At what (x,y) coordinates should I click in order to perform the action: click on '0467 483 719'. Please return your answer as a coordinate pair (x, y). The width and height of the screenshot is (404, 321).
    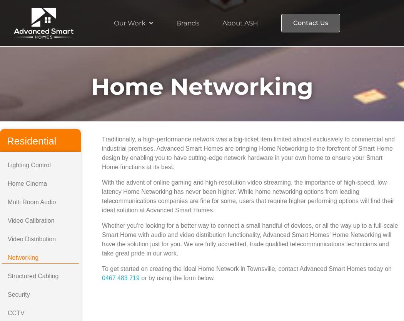
    Looking at the image, I should click on (120, 278).